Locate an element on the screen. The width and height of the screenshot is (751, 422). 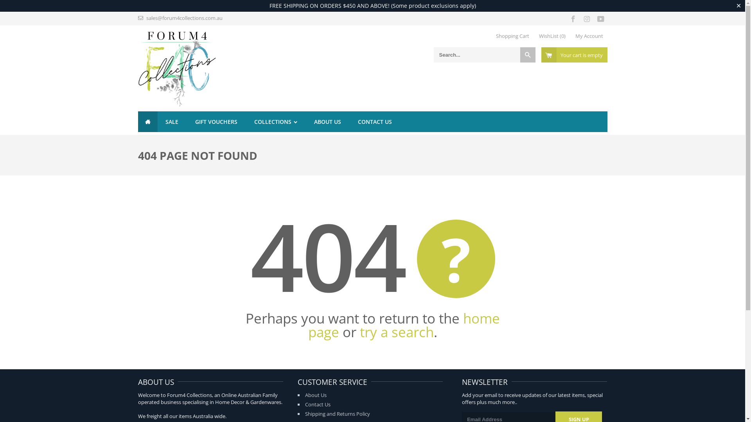
'Forum4 Collections on YouTube' is located at coordinates (600, 18).